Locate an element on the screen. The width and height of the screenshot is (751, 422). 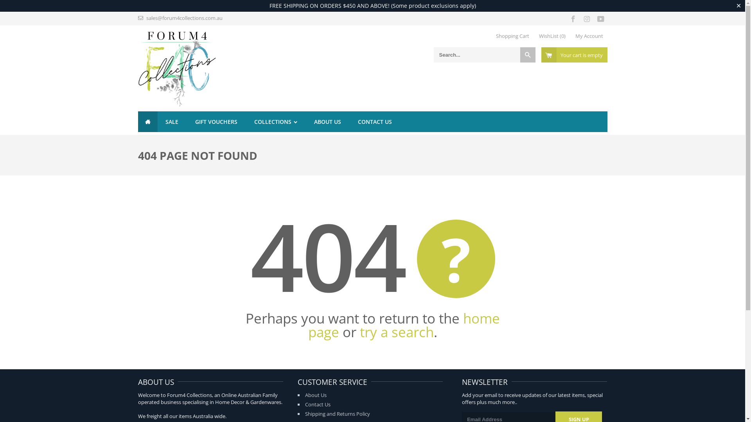
'Forum4 Collections on YouTube' is located at coordinates (600, 18).